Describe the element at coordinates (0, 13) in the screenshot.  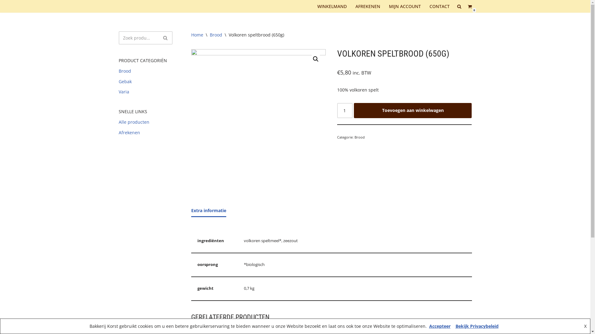
I see `'Ga naar de inhoud'` at that location.